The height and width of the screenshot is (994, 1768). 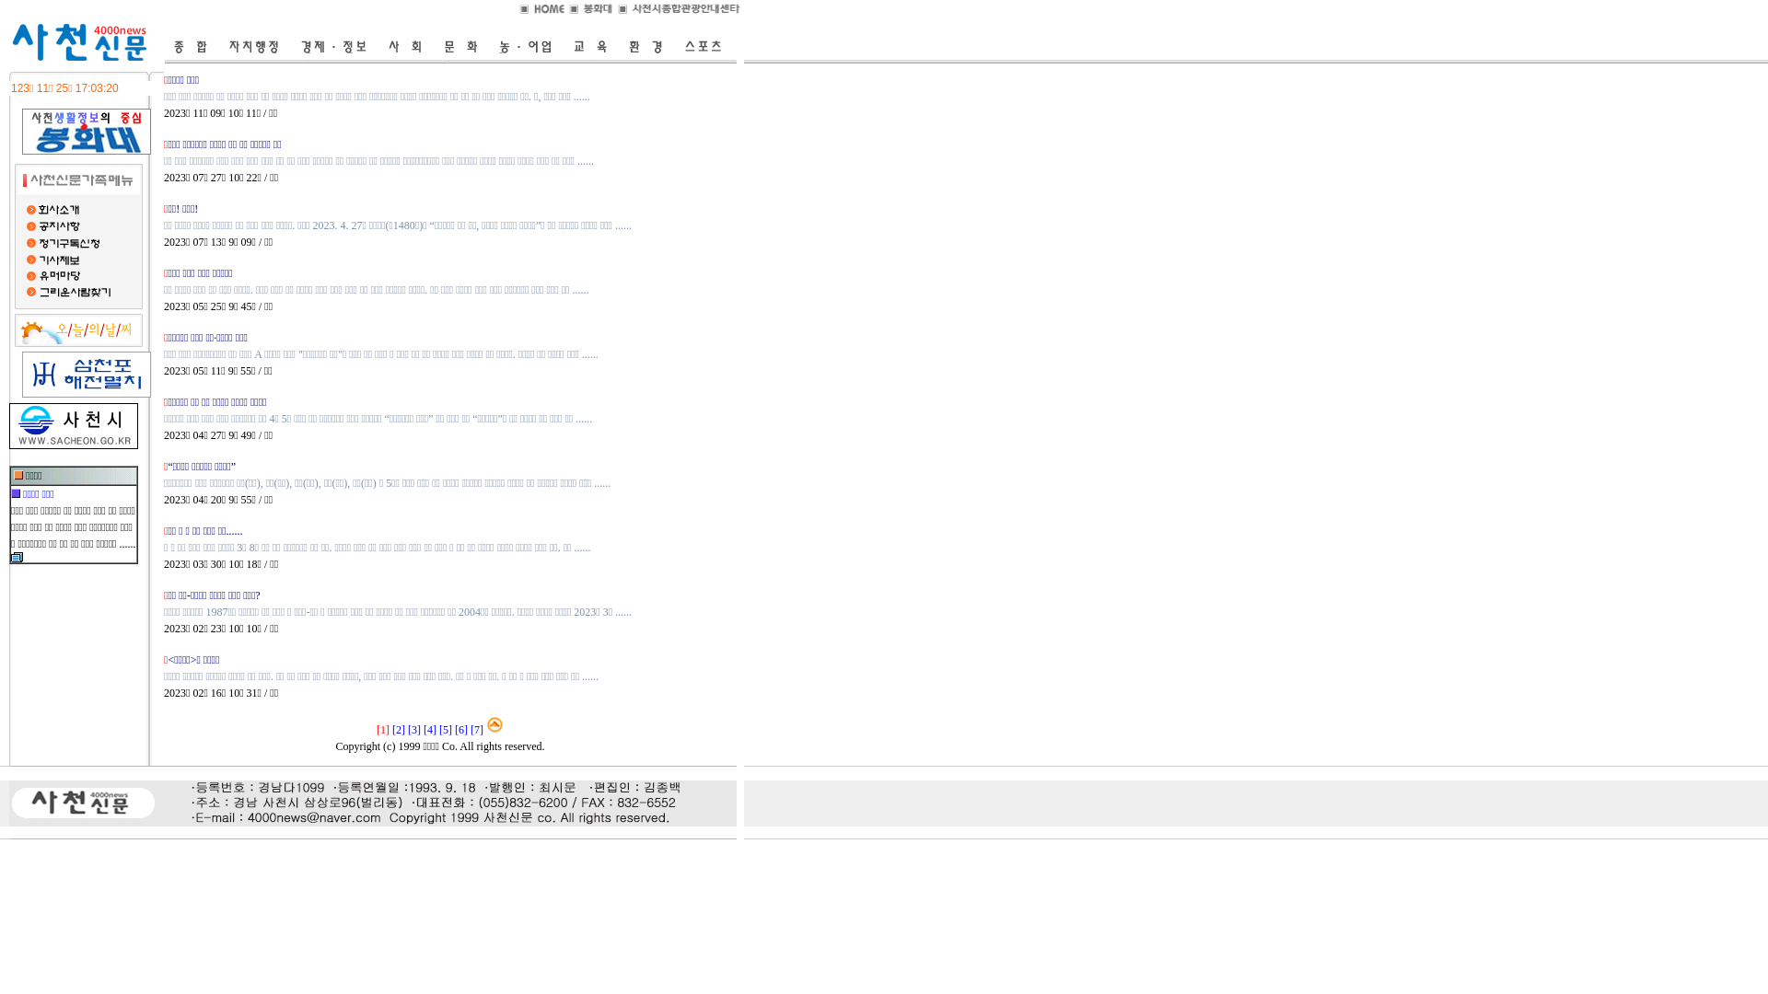 I want to click on '[3]', so click(x=406, y=729).